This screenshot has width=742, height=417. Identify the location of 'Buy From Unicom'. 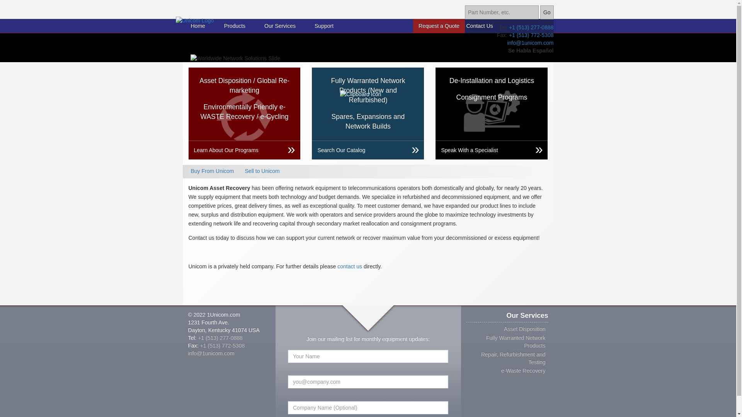
(213, 171).